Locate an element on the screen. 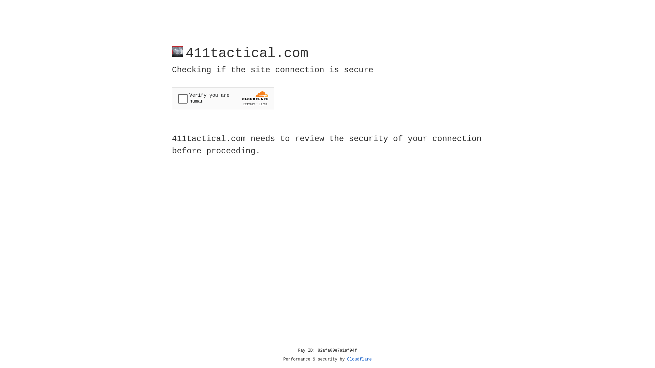  'Widget containing a Cloudflare security challenge' is located at coordinates (223, 98).